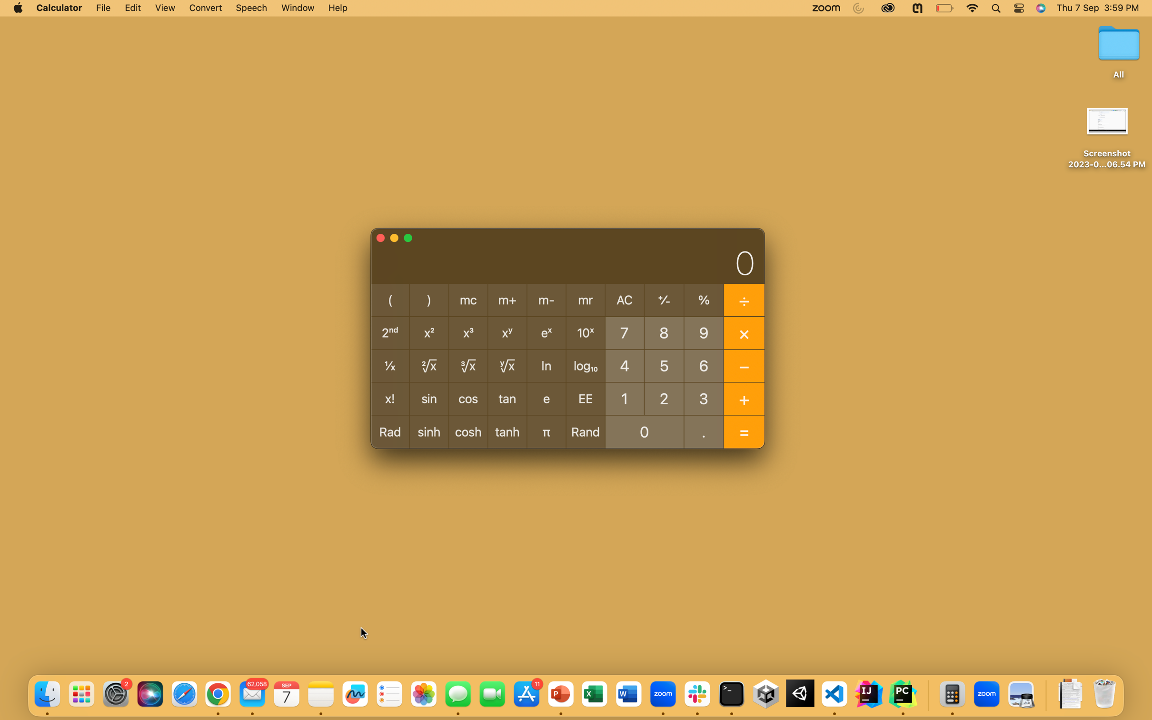  Describe the element at coordinates (664, 397) in the screenshot. I see `Calculate the addition of the numbers 2 and 7` at that location.